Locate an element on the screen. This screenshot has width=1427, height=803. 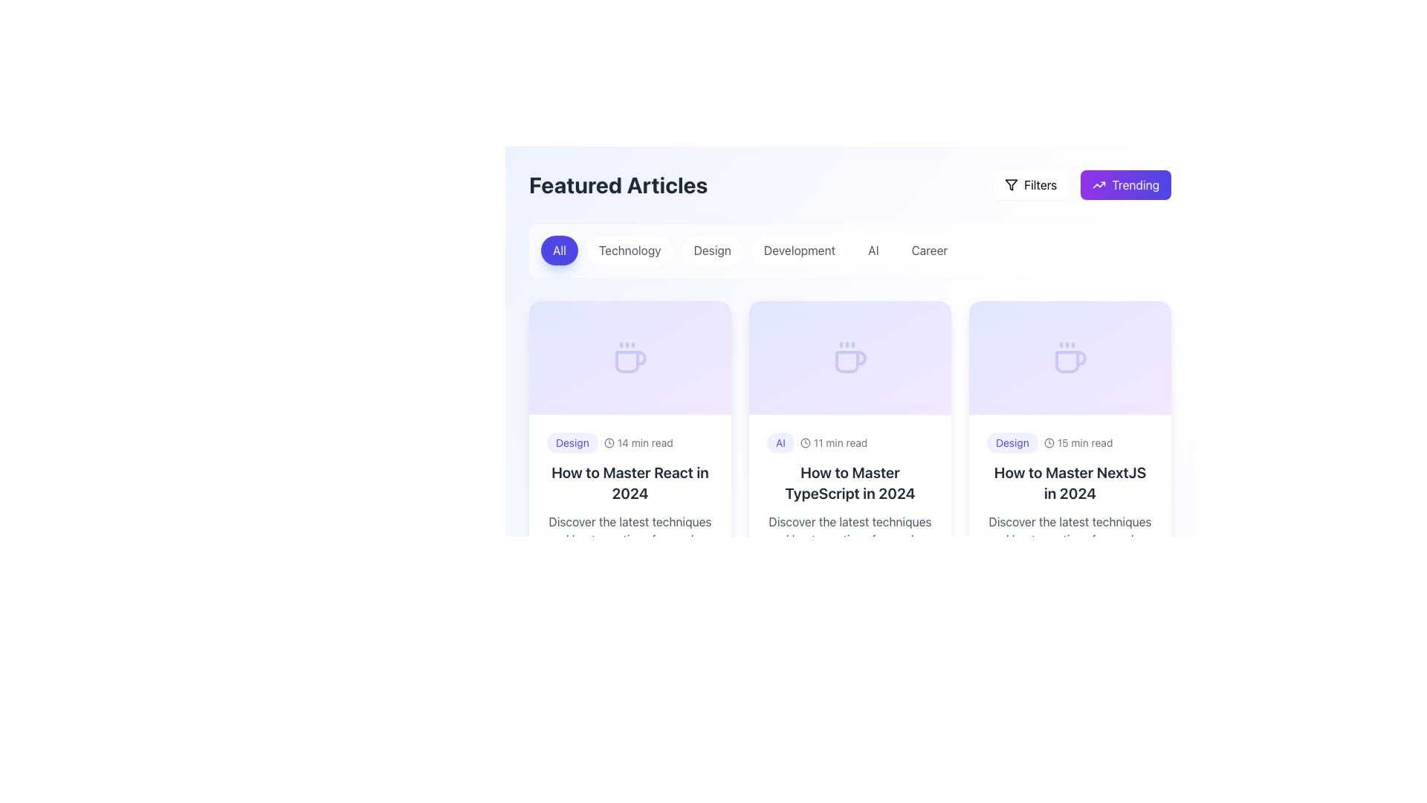
the text element displaying '11 min read' which is accompanied by a clock icon, as it is part of an interactive group is located at coordinates (834, 442).